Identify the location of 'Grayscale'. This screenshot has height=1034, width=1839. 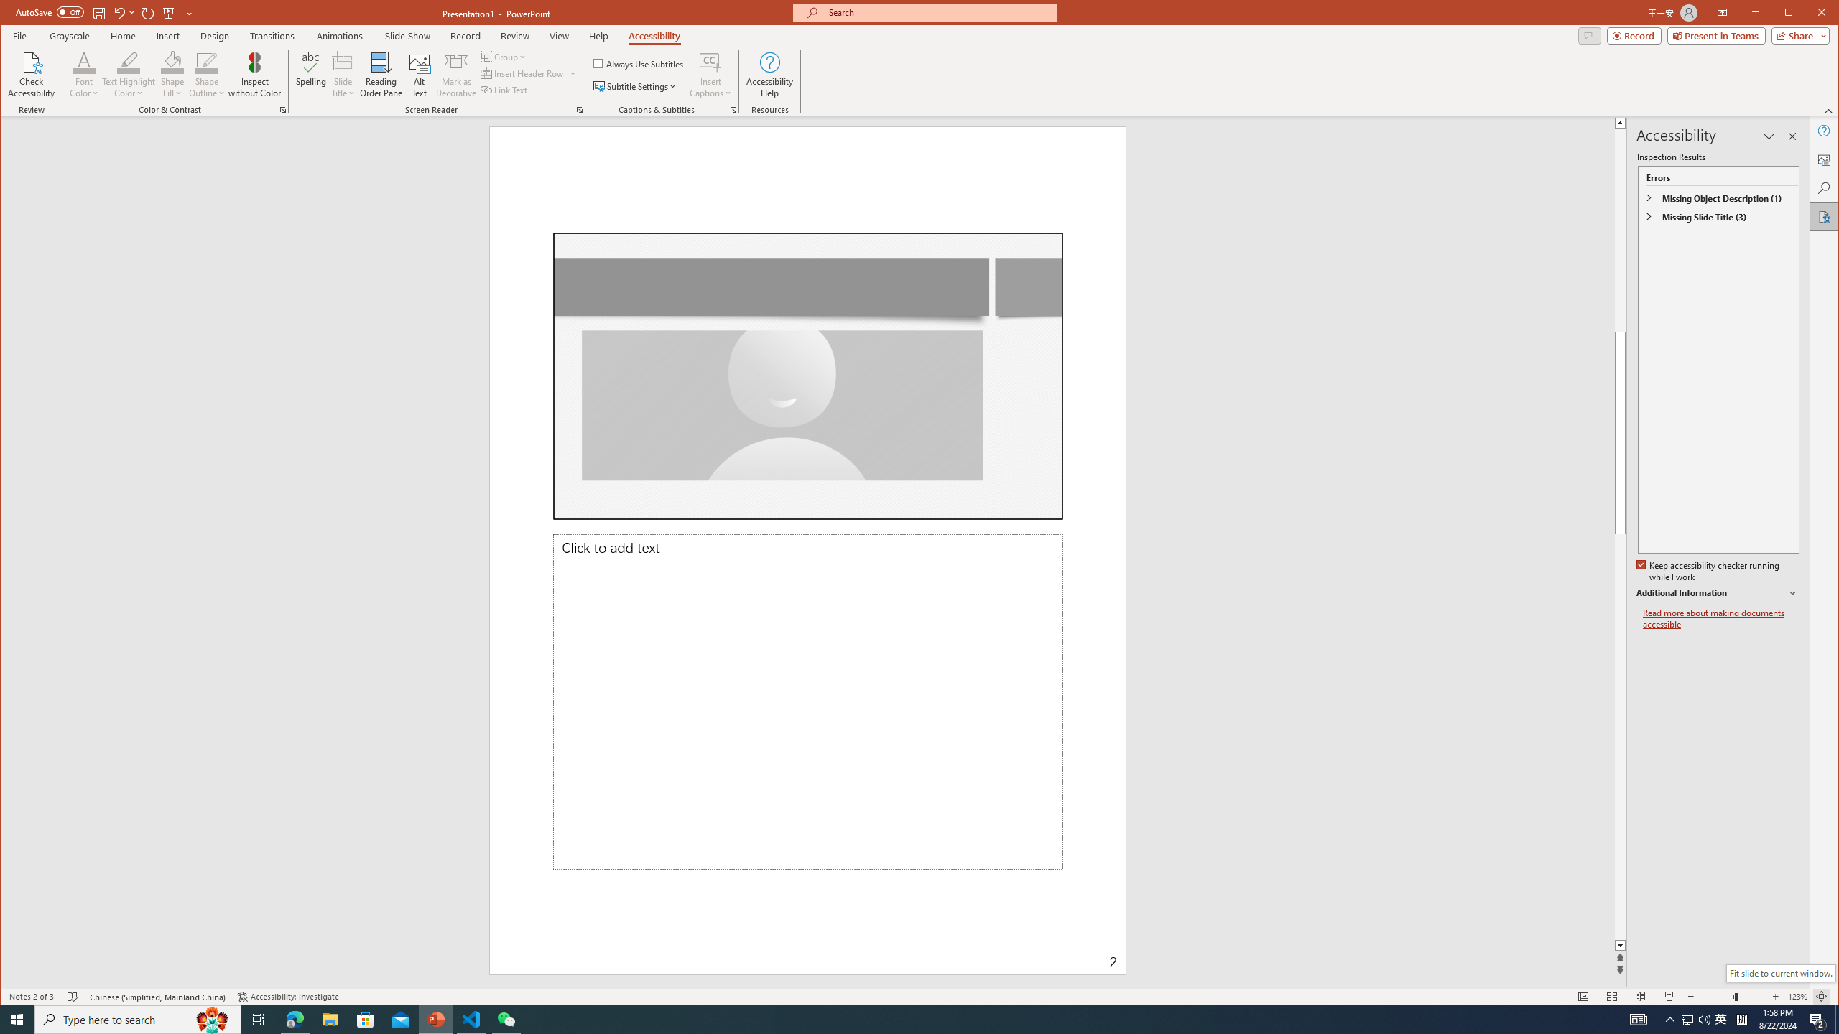
(70, 35).